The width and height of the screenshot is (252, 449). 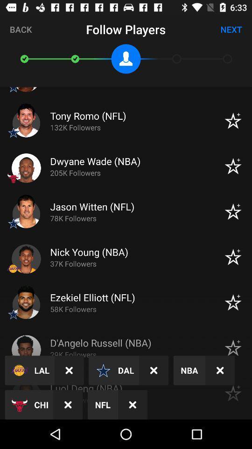 I want to click on the close icon, so click(x=69, y=370).